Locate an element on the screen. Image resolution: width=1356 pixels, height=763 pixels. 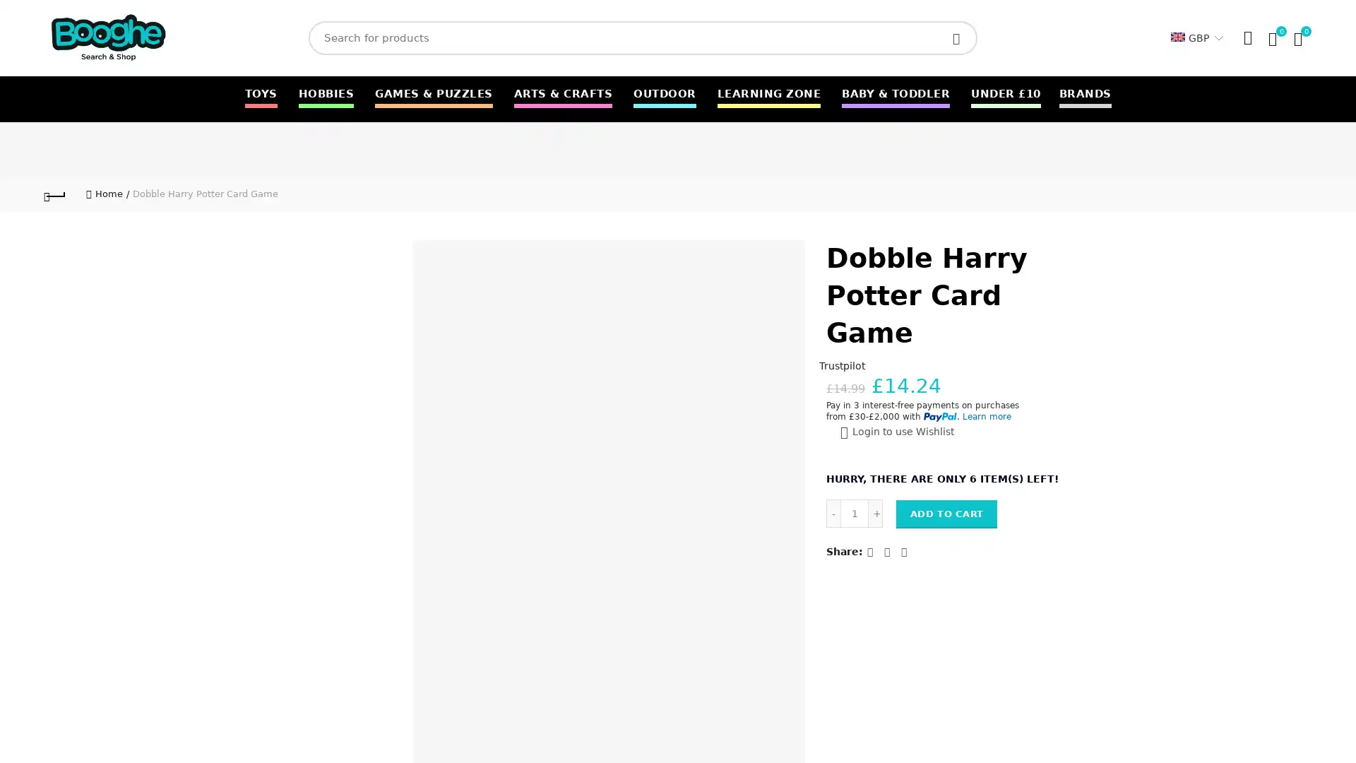
SEARCH is located at coordinates (959, 37).